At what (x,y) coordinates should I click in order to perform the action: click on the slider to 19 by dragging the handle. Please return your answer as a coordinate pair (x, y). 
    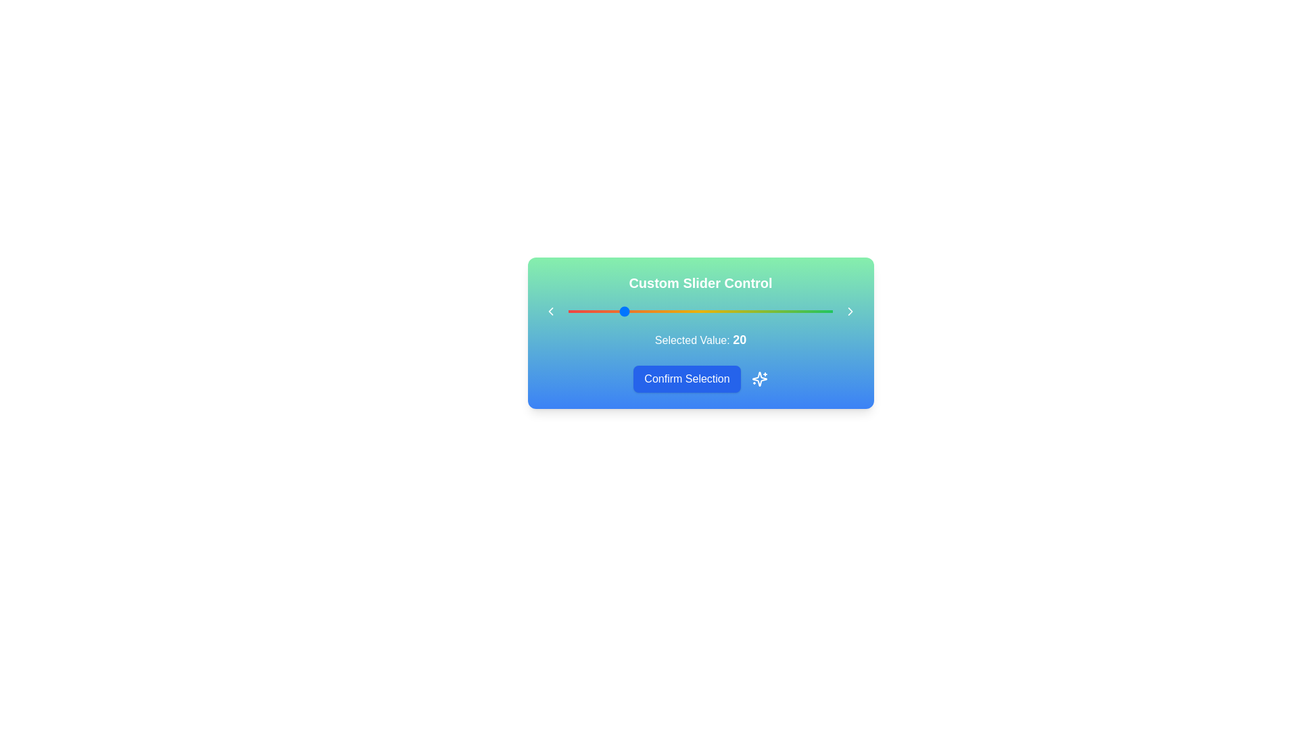
    Looking at the image, I should click on (618, 312).